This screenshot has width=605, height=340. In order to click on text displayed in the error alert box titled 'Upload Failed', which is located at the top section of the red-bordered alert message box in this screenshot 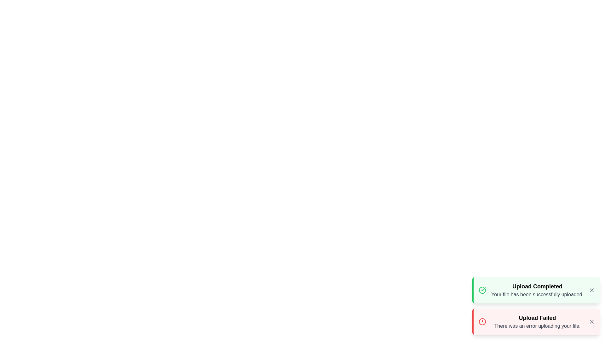, I will do `click(537, 318)`.